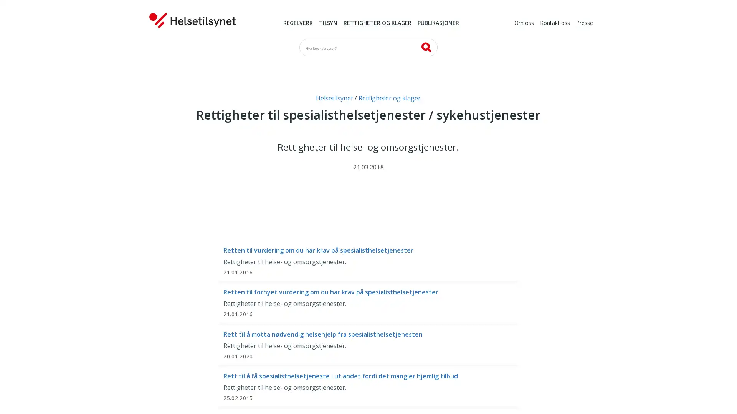 The height and width of the screenshot is (414, 737). I want to click on SK, so click(425, 47).